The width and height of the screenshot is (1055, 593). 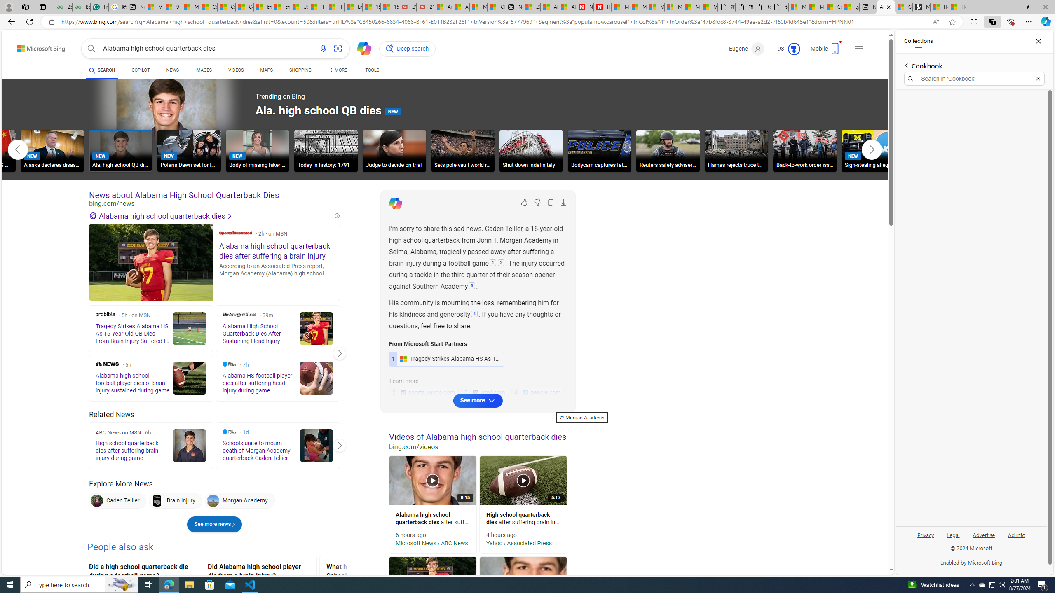 What do you see at coordinates (174, 500) in the screenshot?
I see `'Brain Injury Brain Injury'` at bounding box center [174, 500].